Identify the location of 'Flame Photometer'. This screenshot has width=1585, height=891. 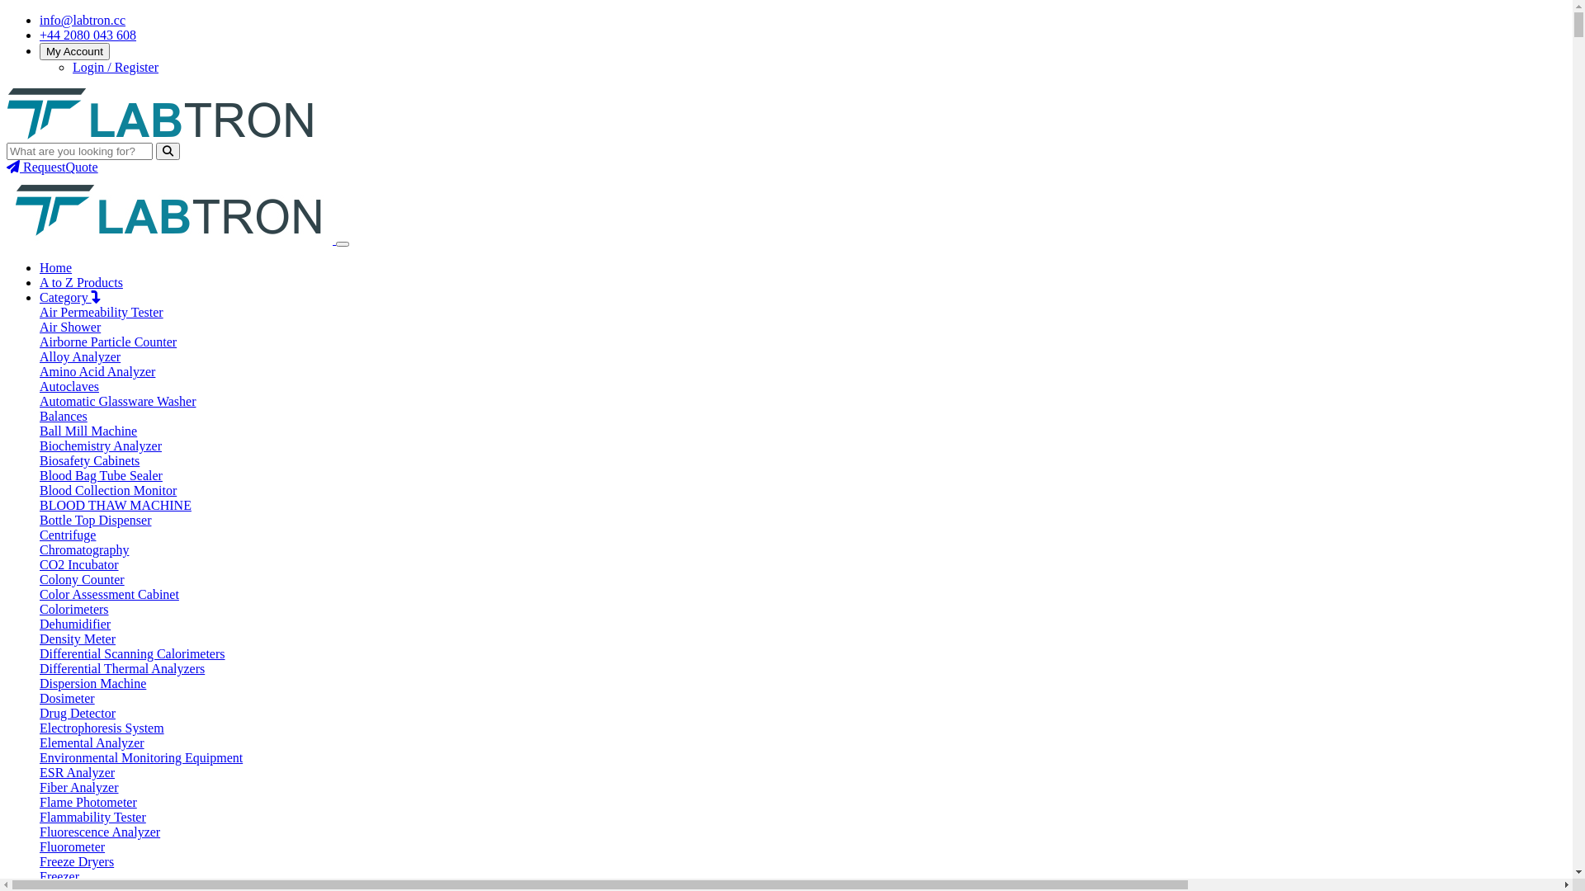
(87, 801).